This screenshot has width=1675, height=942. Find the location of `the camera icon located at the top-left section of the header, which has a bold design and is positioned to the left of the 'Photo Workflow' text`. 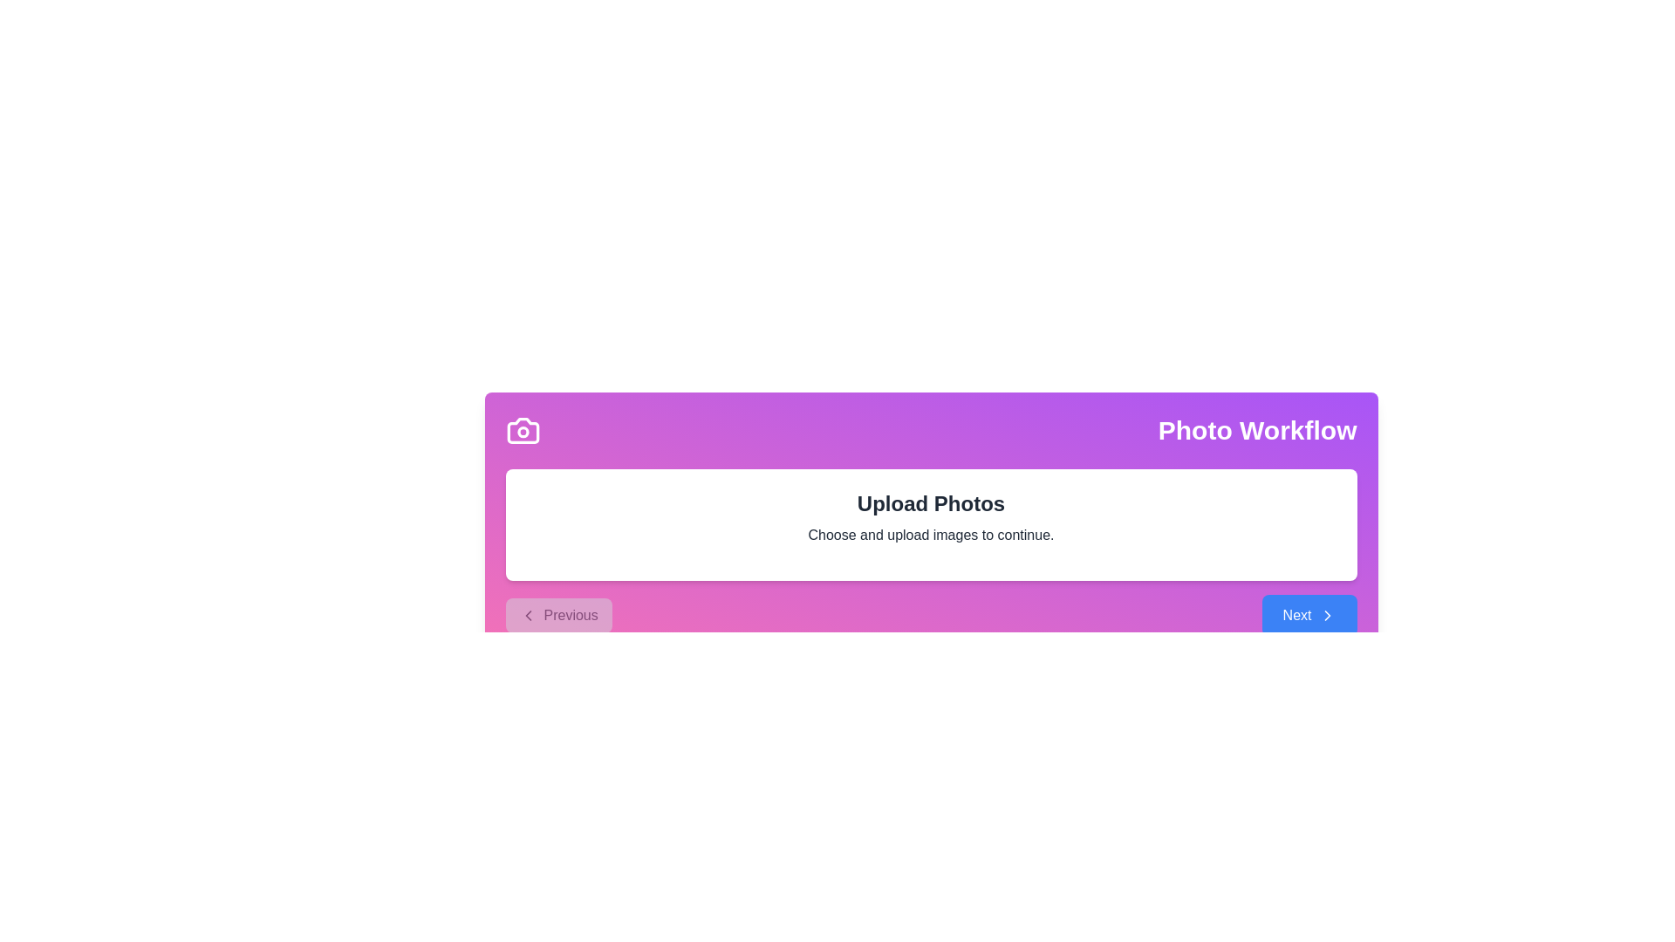

the camera icon located at the top-left section of the header, which has a bold design and is positioned to the left of the 'Photo Workflow' text is located at coordinates (522, 430).